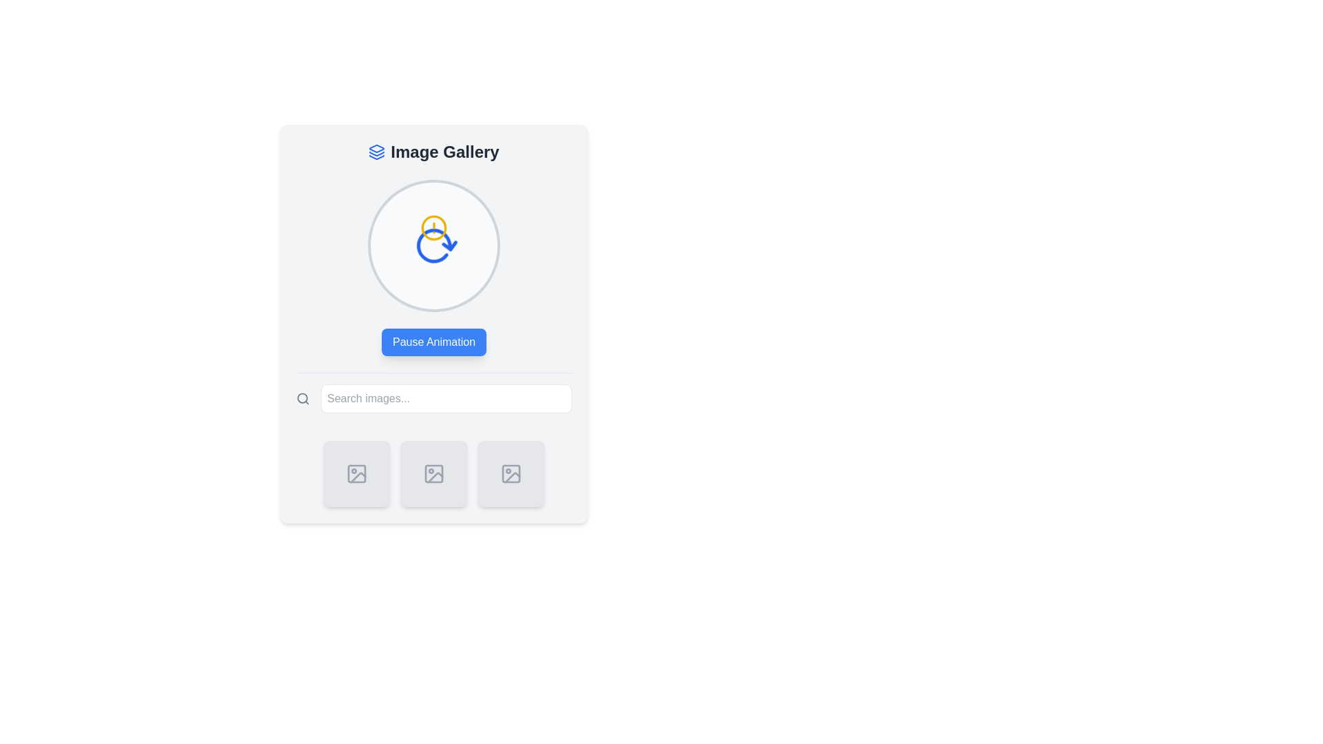  Describe the element at coordinates (433, 152) in the screenshot. I see `the header section of the 'Image Gallery' which includes an identifying icon and text` at that location.